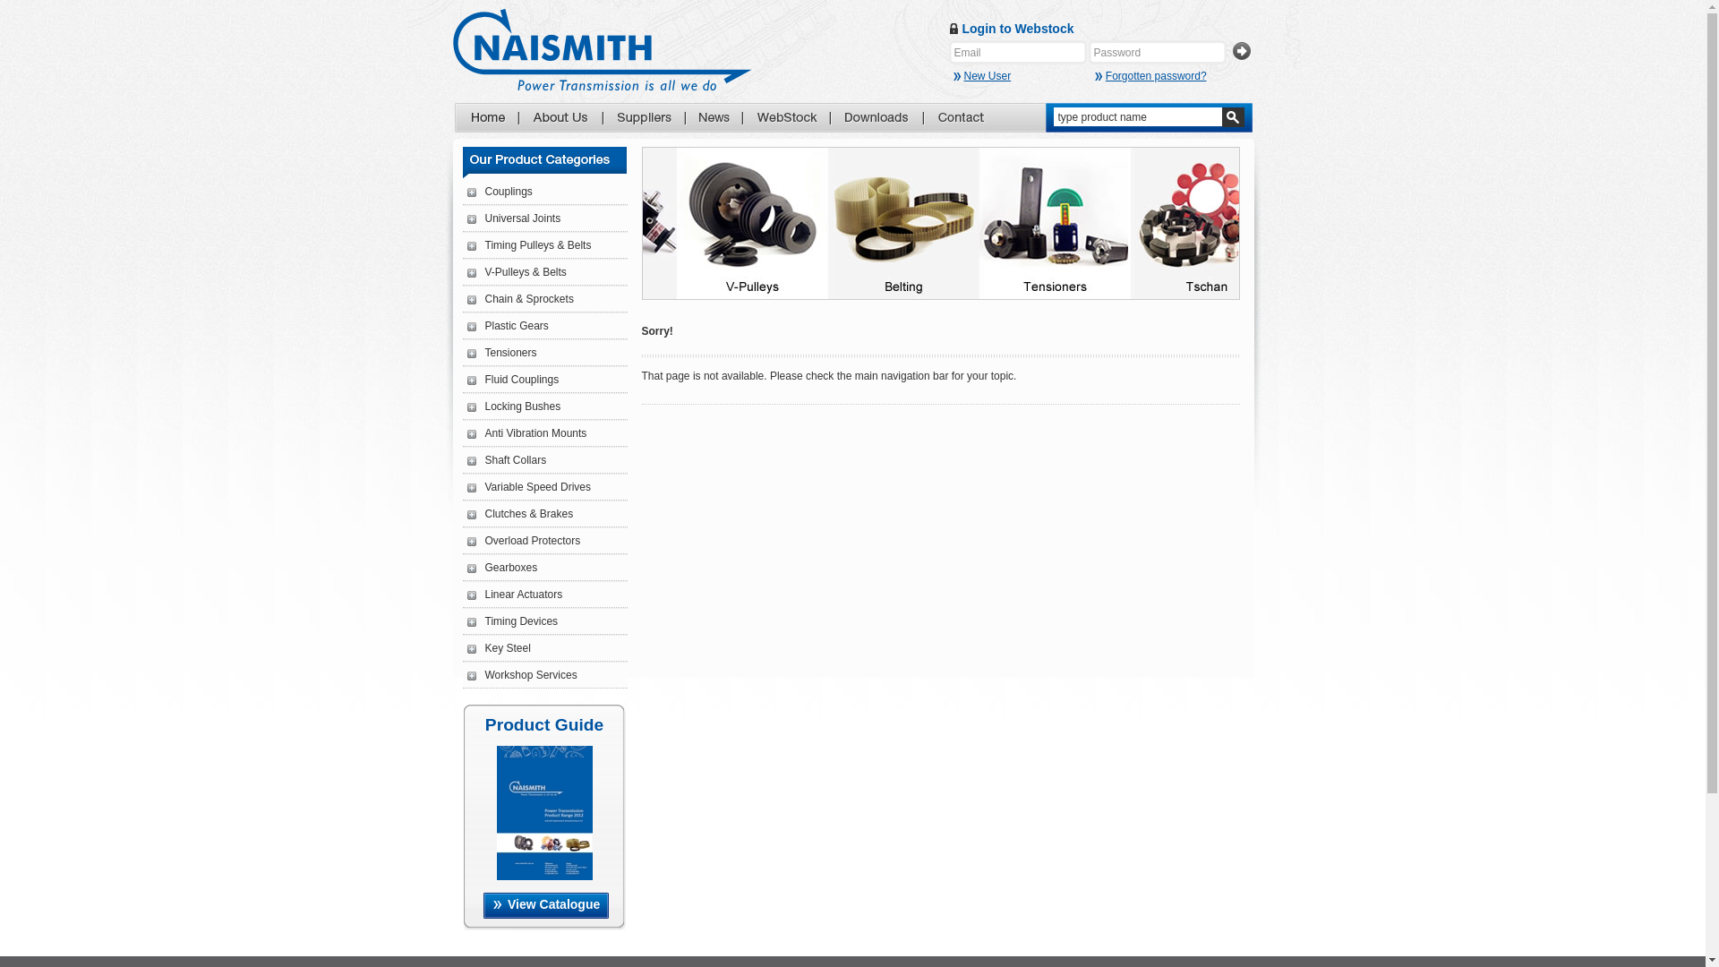  I want to click on 'Chain & Sprockets', so click(467, 298).